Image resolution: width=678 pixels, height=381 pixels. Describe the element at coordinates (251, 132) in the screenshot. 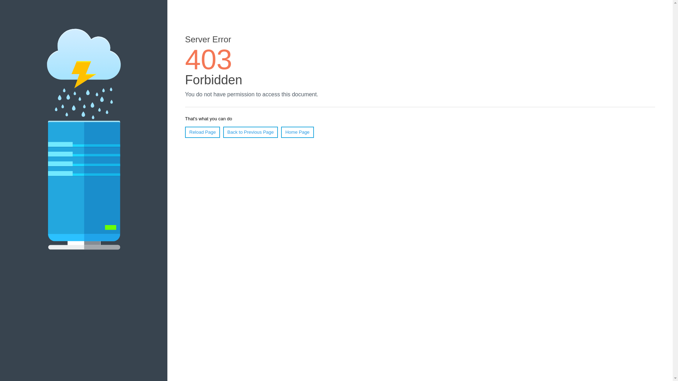

I see `'Back to Previous Page'` at that location.